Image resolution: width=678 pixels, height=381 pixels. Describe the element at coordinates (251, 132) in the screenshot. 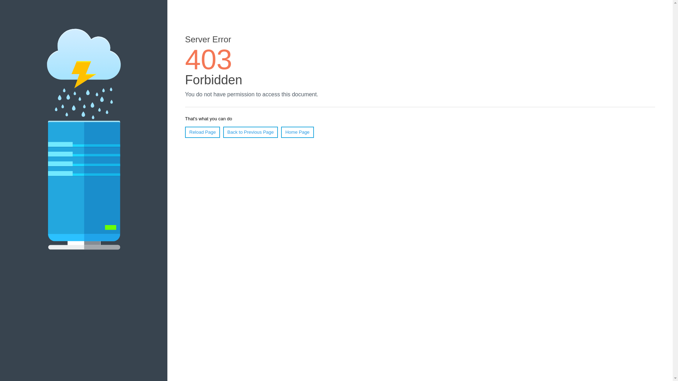

I see `'Back to Previous Page'` at that location.